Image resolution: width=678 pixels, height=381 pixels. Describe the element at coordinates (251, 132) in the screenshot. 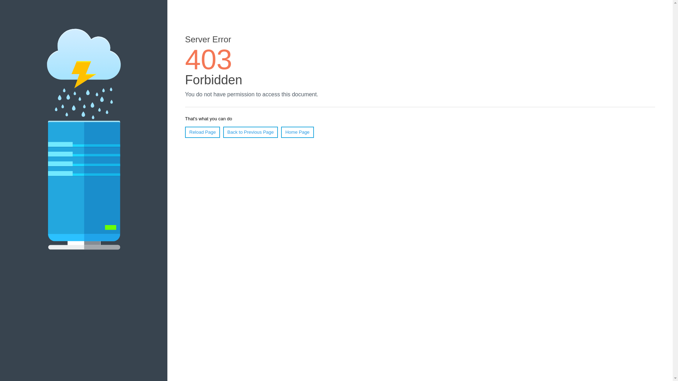

I see `'Back to Previous Page'` at that location.